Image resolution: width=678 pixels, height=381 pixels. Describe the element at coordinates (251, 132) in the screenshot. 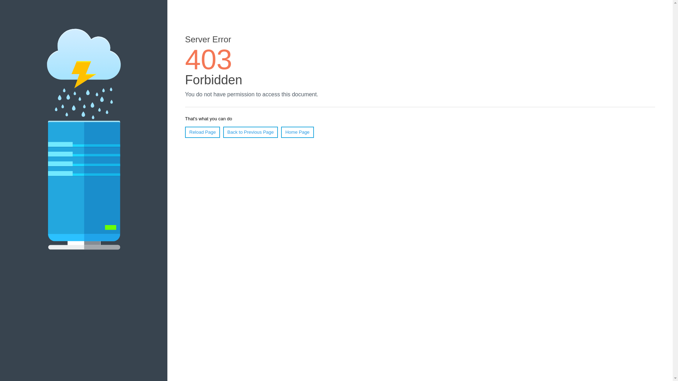

I see `'Back to Previous Page'` at that location.